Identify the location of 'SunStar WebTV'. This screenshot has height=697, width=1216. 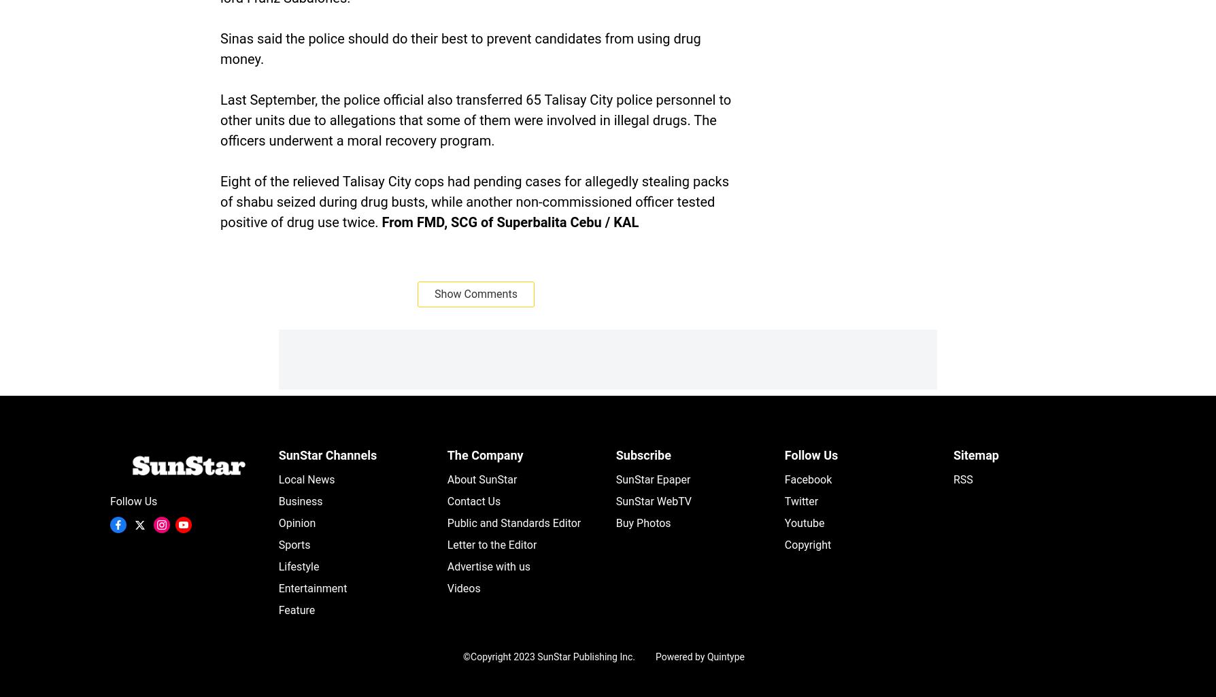
(615, 500).